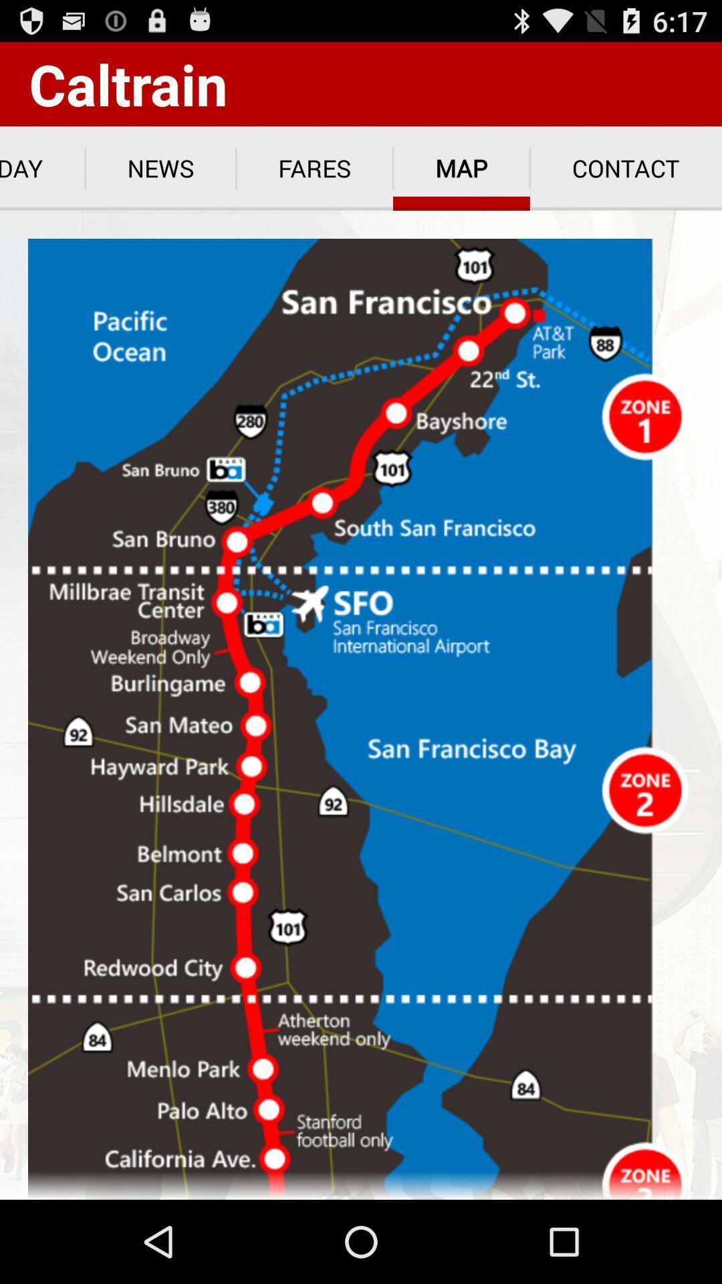  I want to click on today item, so click(41, 168).